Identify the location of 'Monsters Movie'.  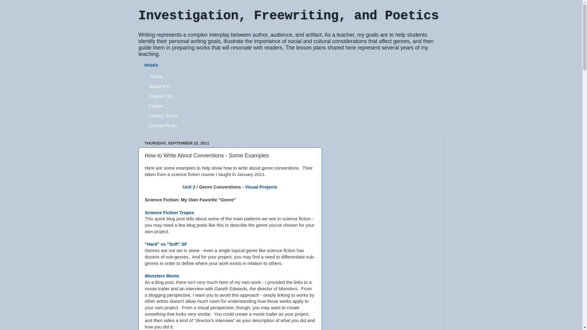
(145, 276).